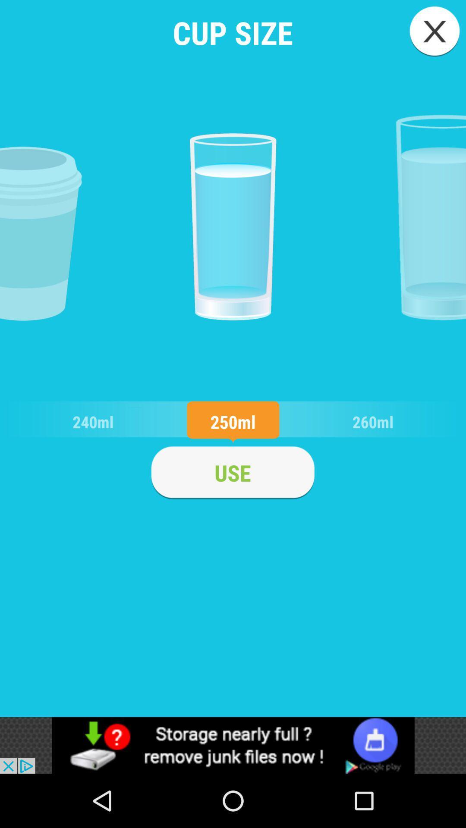  Describe the element at coordinates (232, 472) in the screenshot. I see `use this size cup` at that location.